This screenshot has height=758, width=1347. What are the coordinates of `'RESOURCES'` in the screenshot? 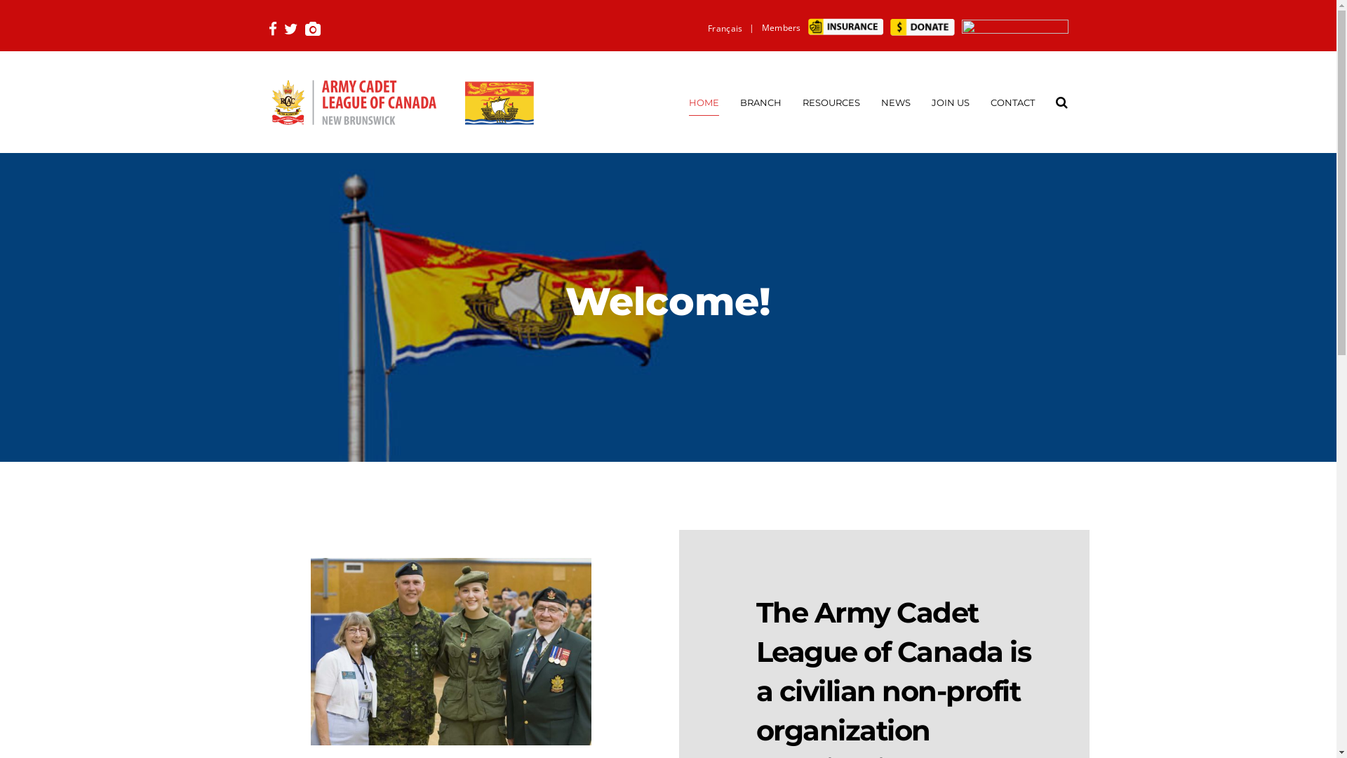 It's located at (831, 101).